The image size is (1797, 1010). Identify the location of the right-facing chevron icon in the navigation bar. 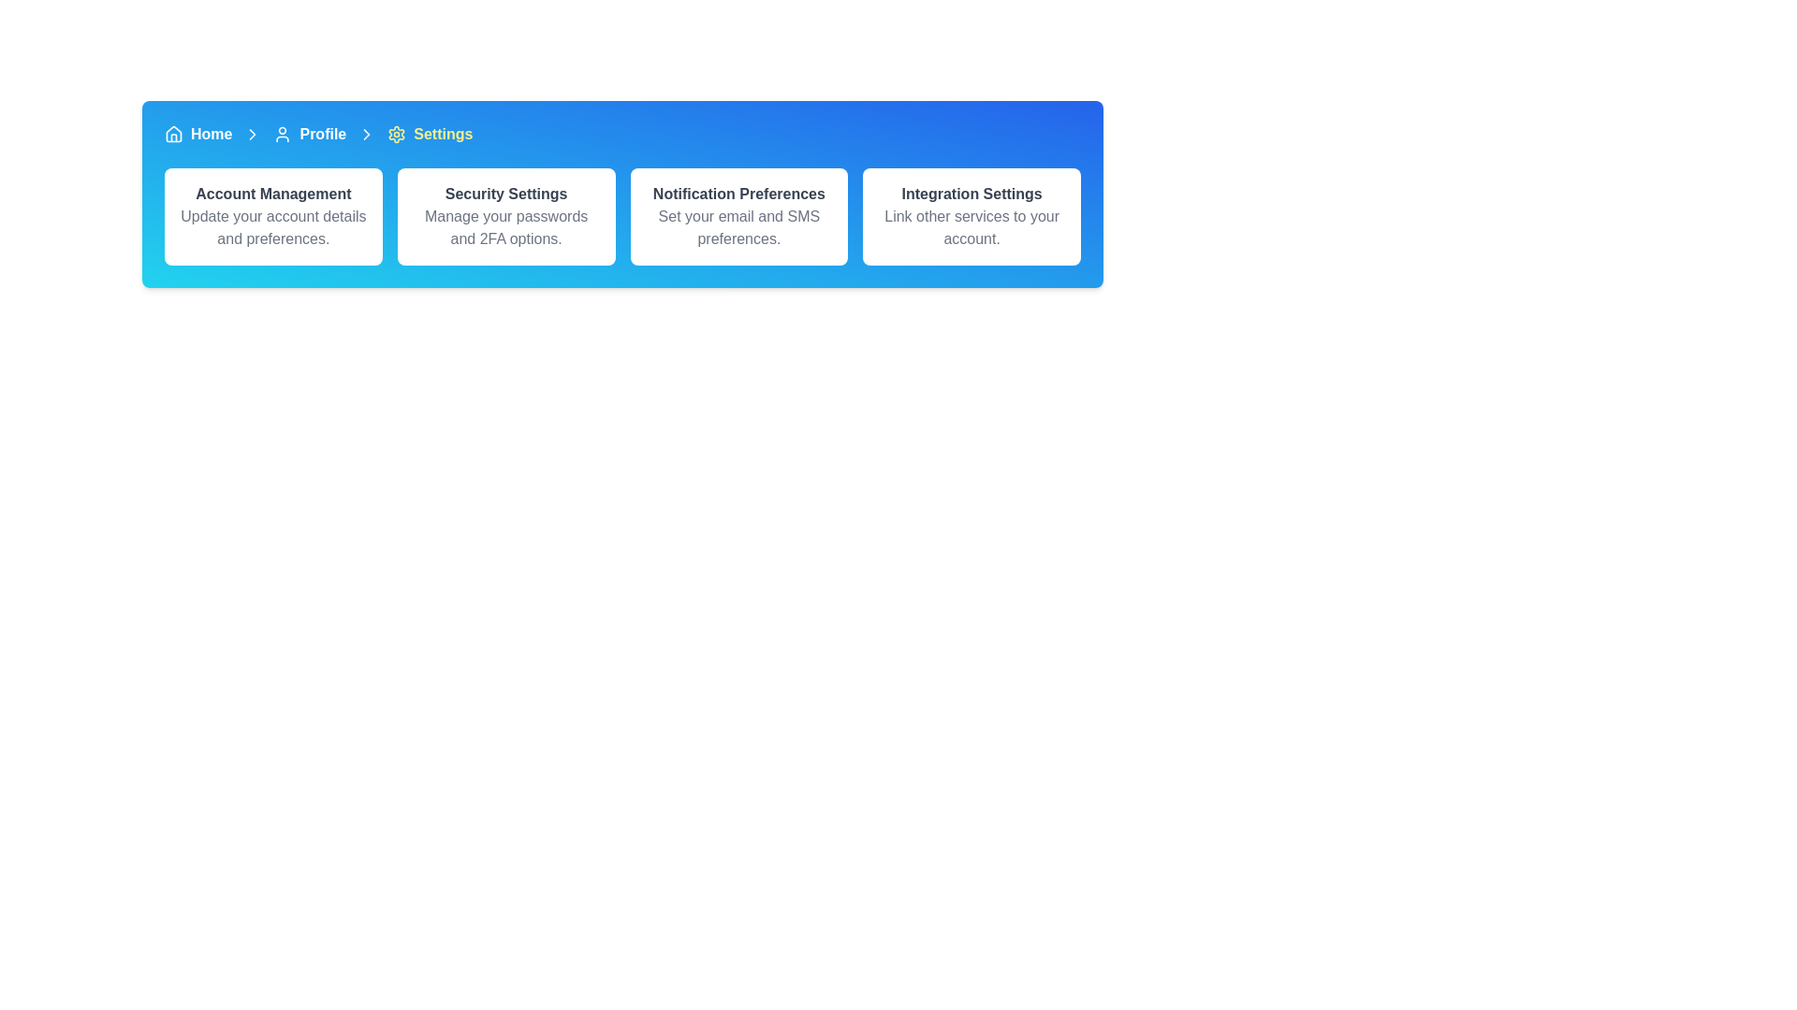
(367, 133).